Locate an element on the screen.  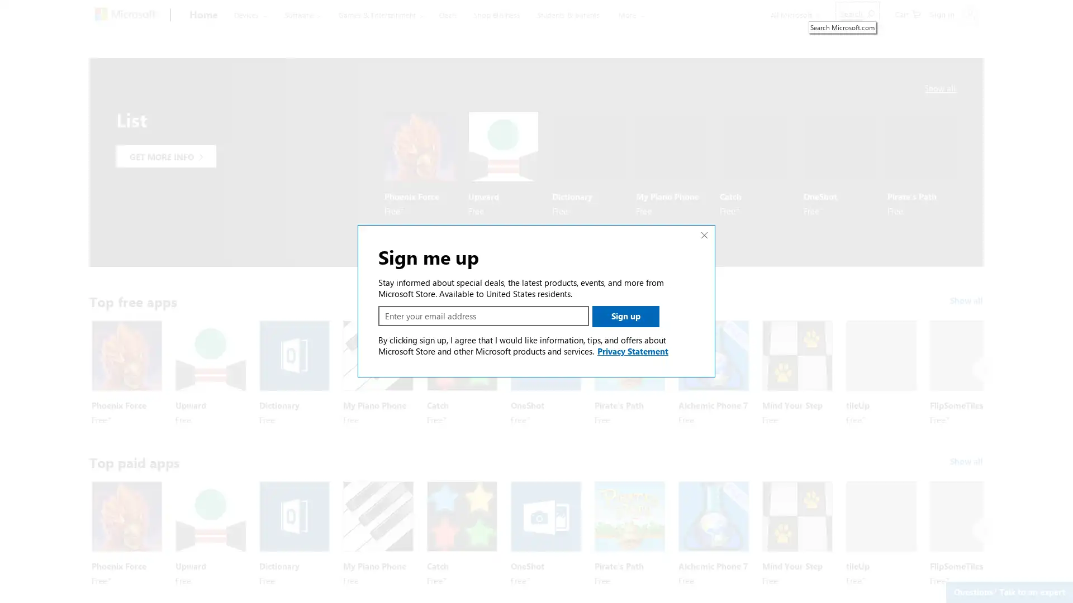
All Microsoft expand to see list of Microsoft products and services is located at coordinates (793, 15).